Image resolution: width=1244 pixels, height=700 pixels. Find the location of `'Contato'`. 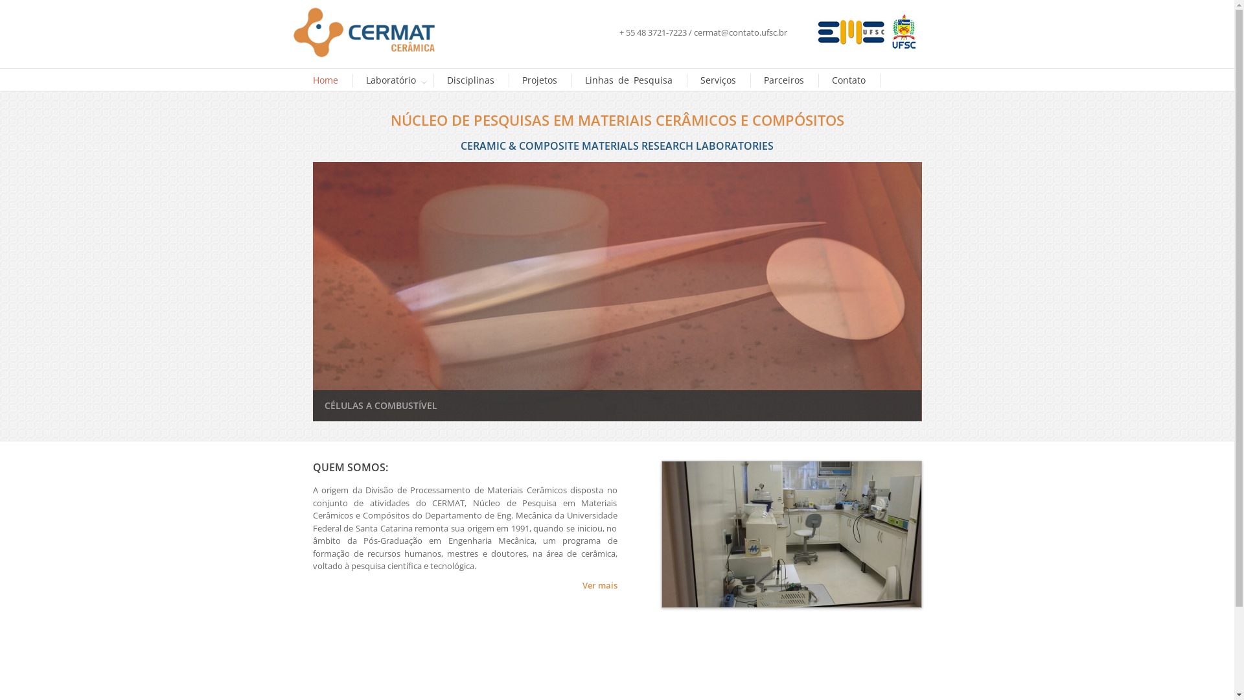

'Contato' is located at coordinates (849, 80).